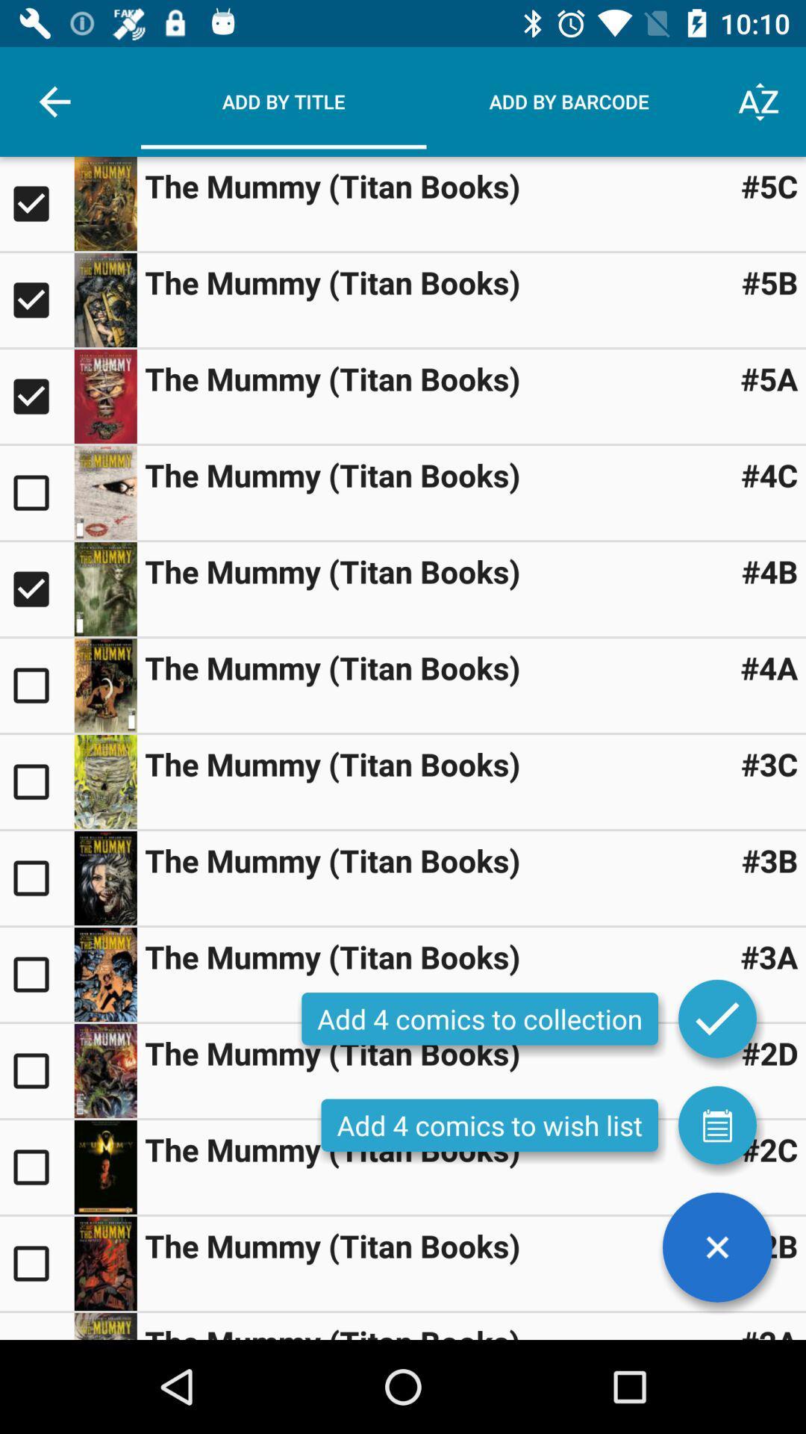 This screenshot has height=1434, width=806. Describe the element at coordinates (36, 975) in the screenshot. I see `a comic` at that location.